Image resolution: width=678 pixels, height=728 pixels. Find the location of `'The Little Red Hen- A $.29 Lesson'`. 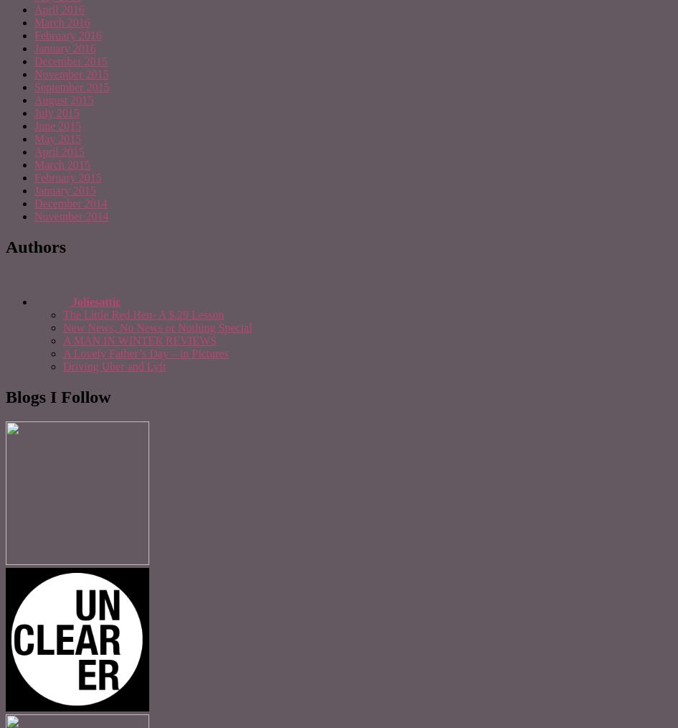

'The Little Red Hen- A $.29 Lesson' is located at coordinates (143, 314).